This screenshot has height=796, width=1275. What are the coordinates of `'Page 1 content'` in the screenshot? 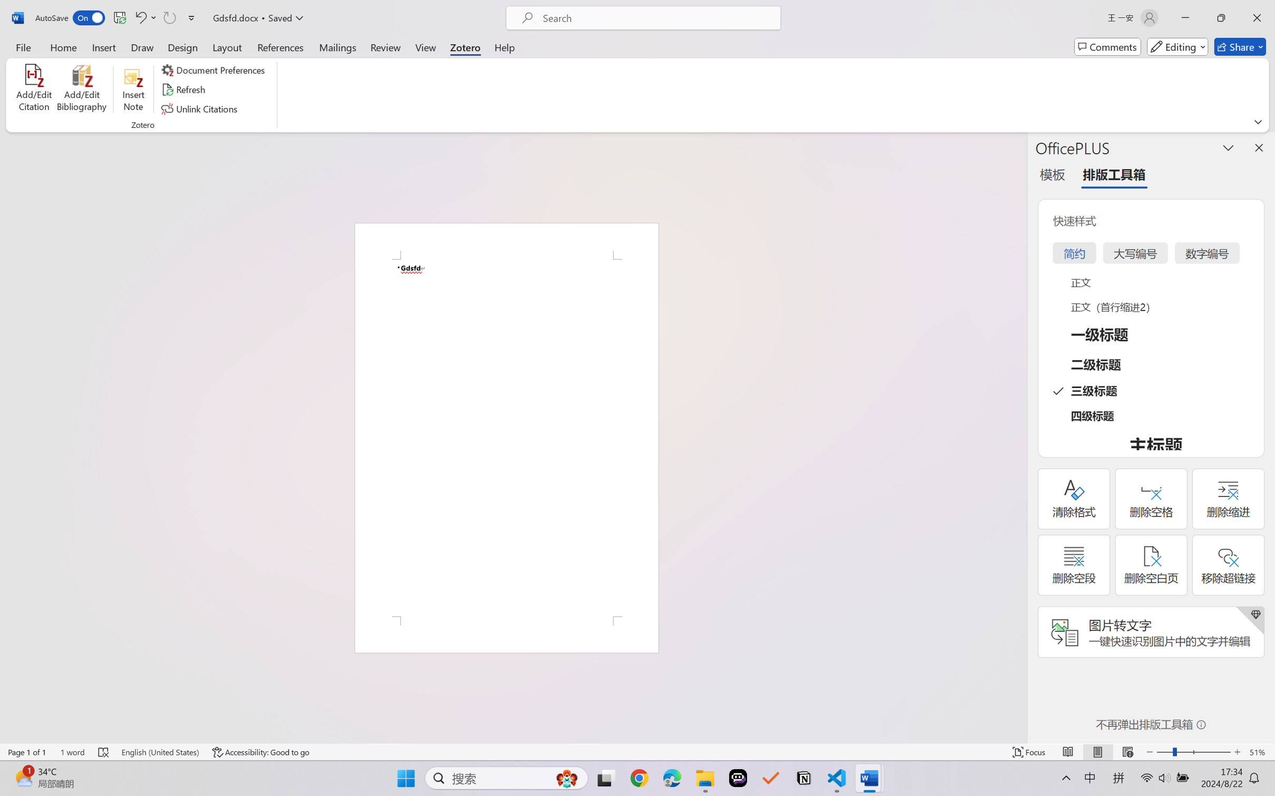 It's located at (506, 437).